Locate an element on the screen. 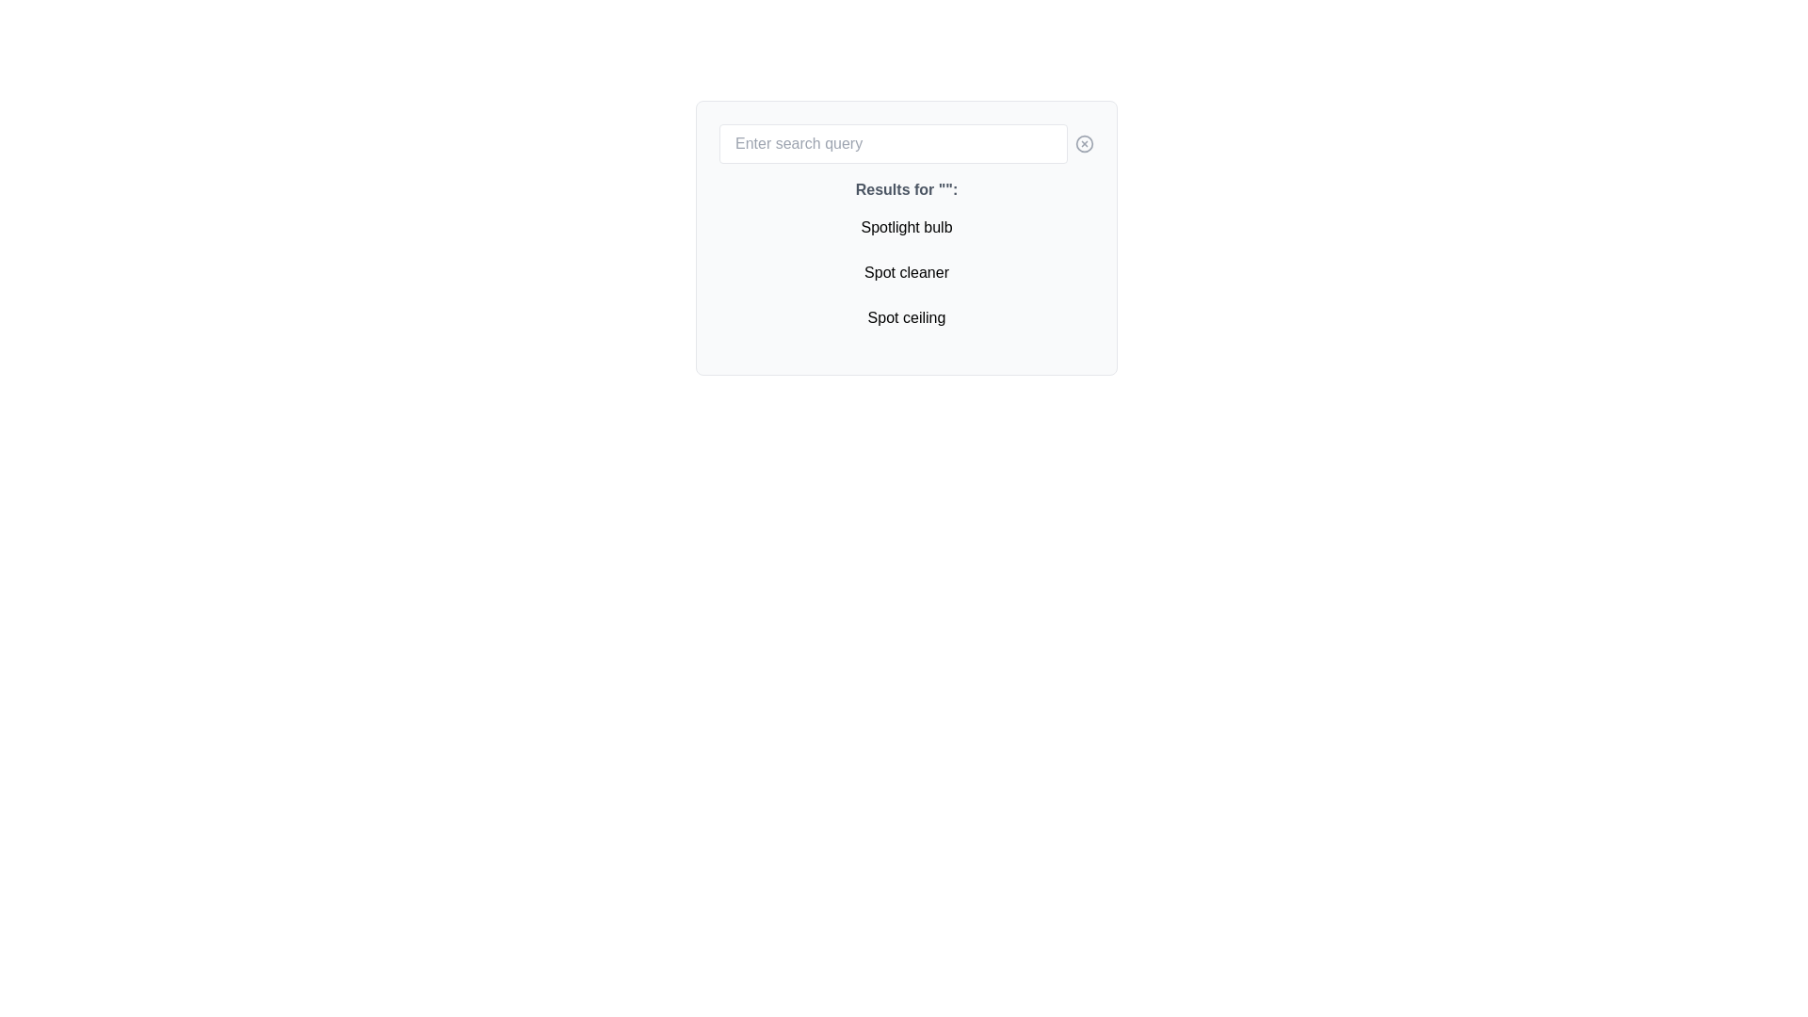 Image resolution: width=1808 pixels, height=1017 pixels. the character 'e' in the word 'ceiling' of the phrase 'Spot ceiling' located at the bottom of a vertical list within a panel is located at coordinates (914, 316).